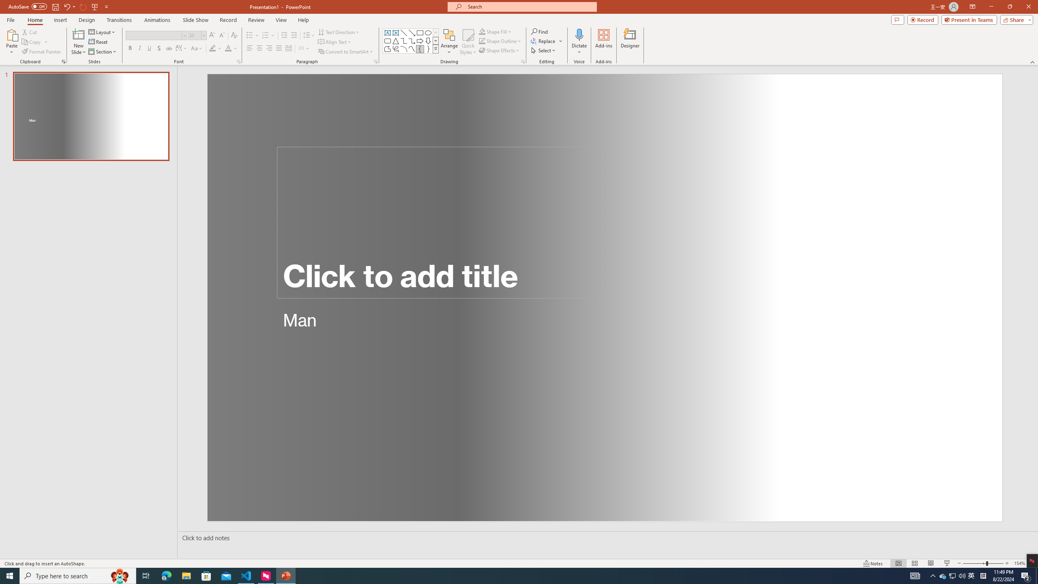  What do you see at coordinates (259, 48) in the screenshot?
I see `'Center'` at bounding box center [259, 48].